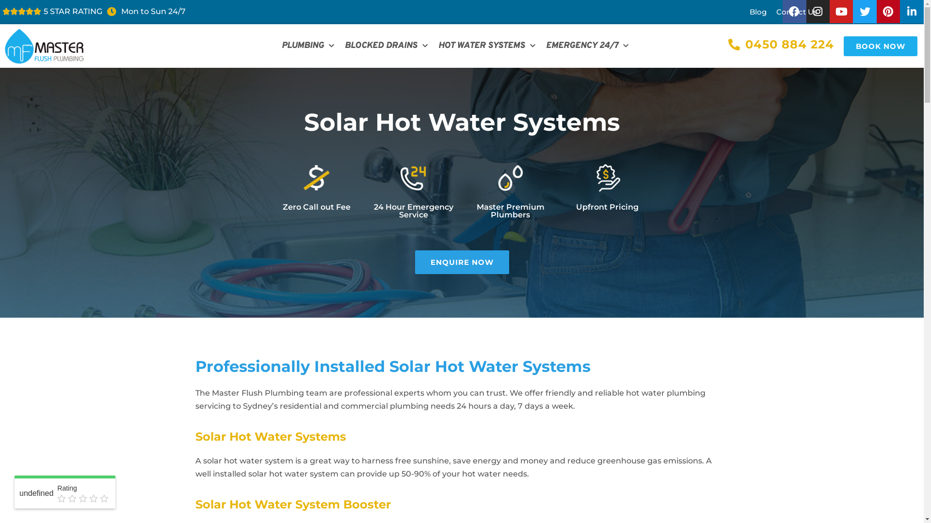 This screenshot has height=523, width=931. Describe the element at coordinates (462, 262) in the screenshot. I see `'ENQUIRE NOW'` at that location.